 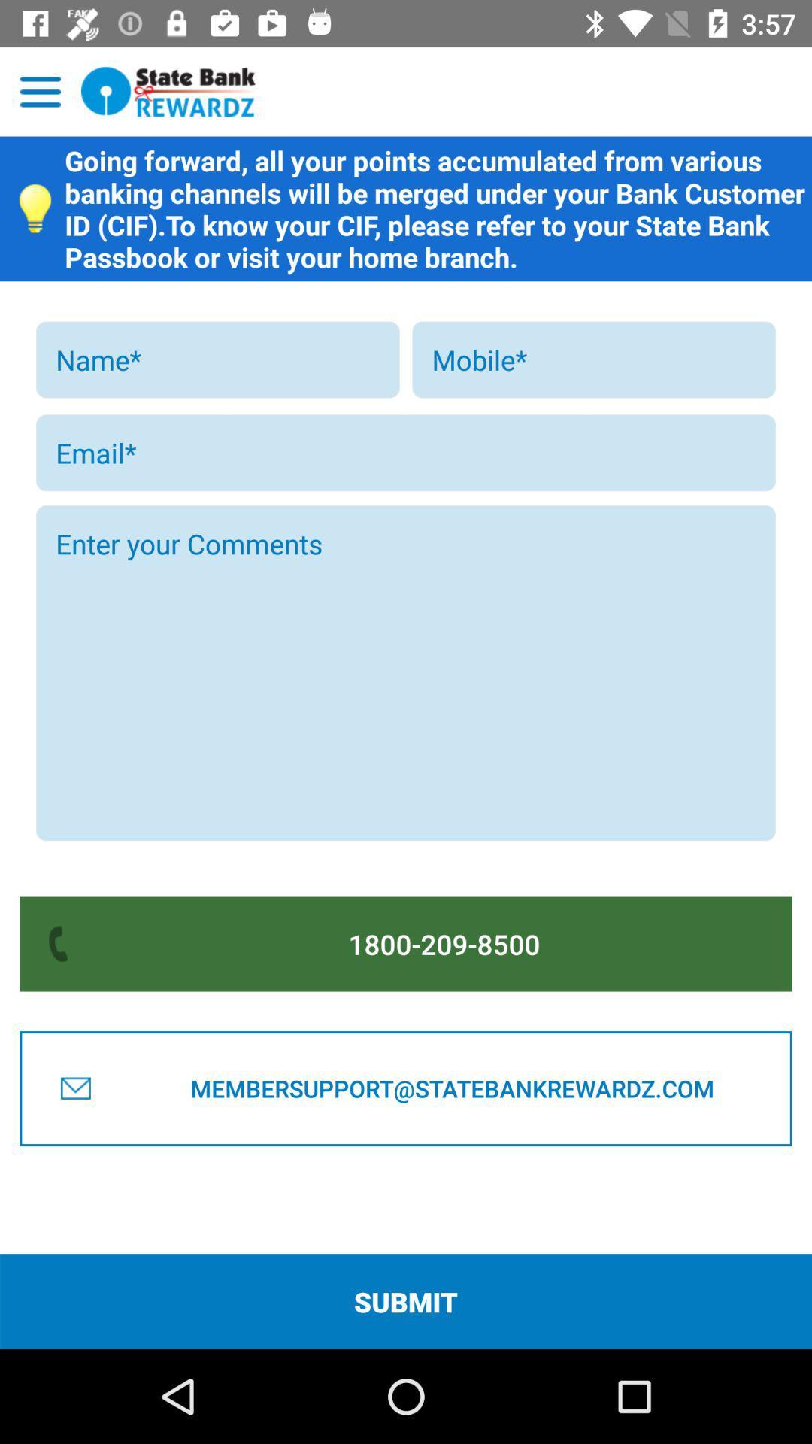 What do you see at coordinates (451, 1088) in the screenshot?
I see `the membersupport@statebankrewardz.com item` at bounding box center [451, 1088].